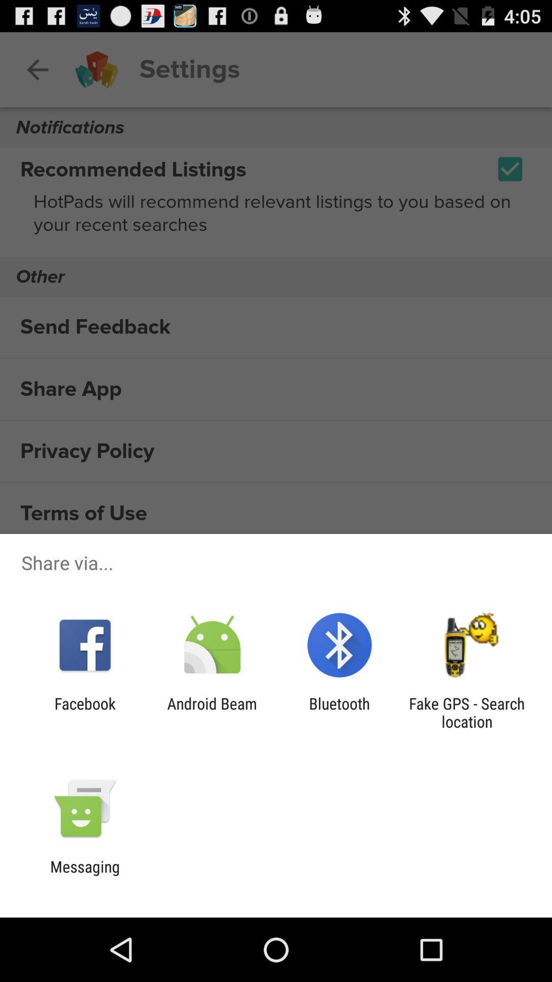 This screenshot has height=982, width=552. Describe the element at coordinates (339, 712) in the screenshot. I see `the icon to the right of android beam` at that location.